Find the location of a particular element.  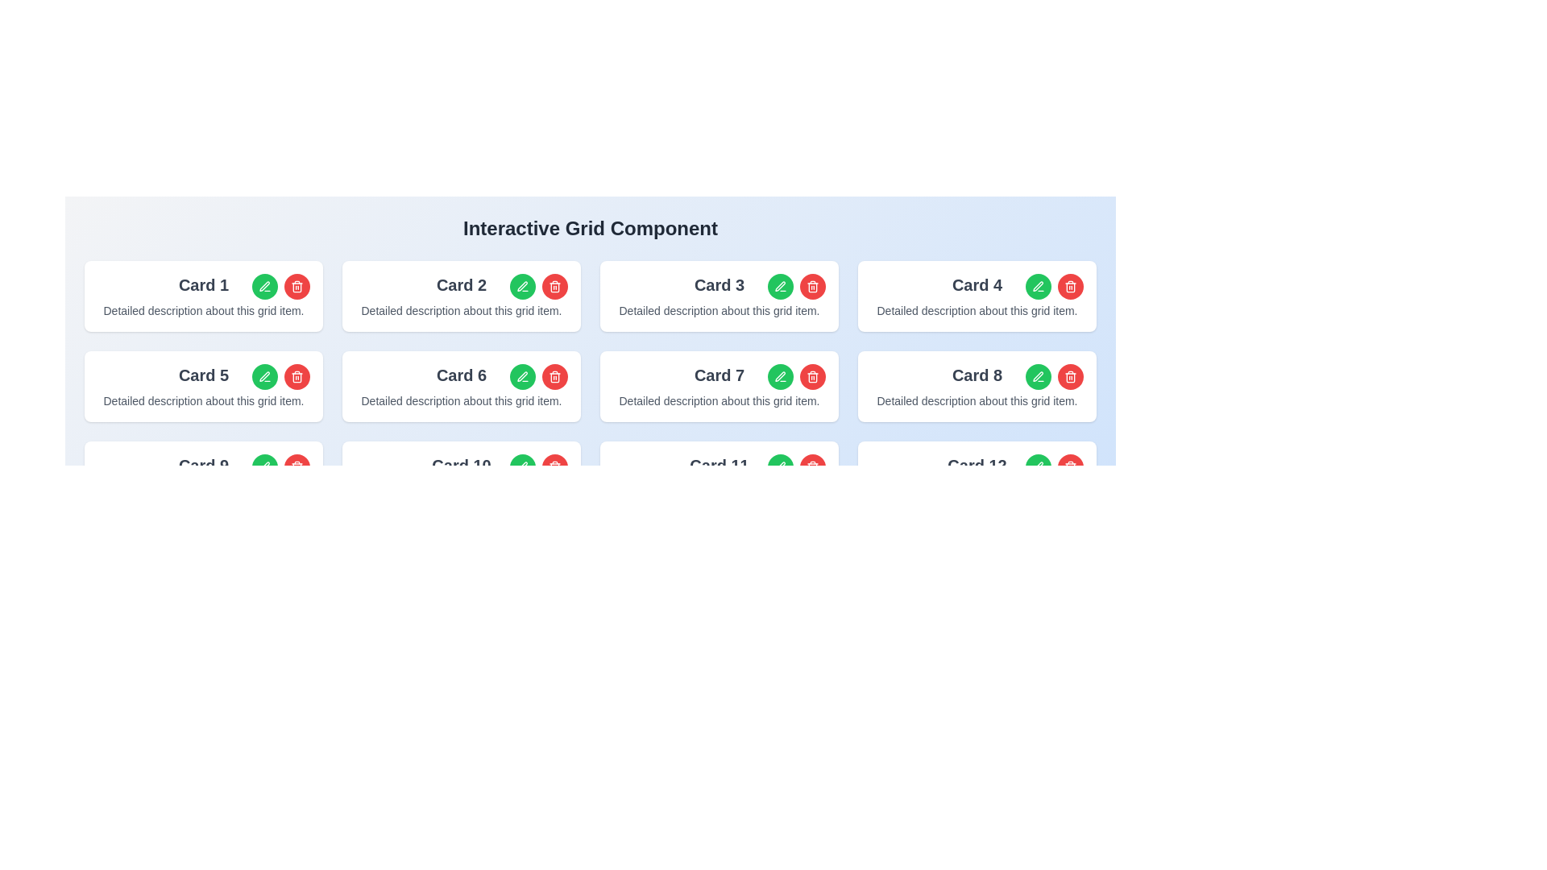

the circular red button with white text and a trash icon located on the right side of 'Card 7', specifically the second button in a row of two buttons, to change its visual style is located at coordinates (812, 376).